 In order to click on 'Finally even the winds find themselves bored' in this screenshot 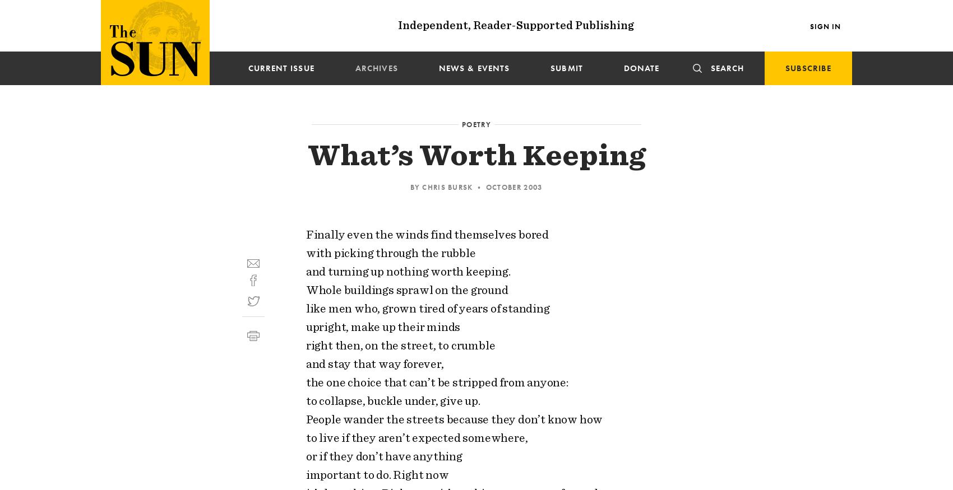, I will do `click(426, 234)`.